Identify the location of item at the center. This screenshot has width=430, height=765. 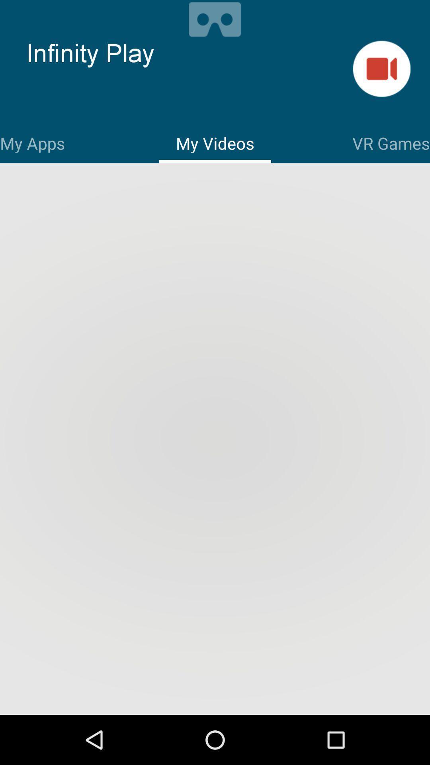
(215, 439).